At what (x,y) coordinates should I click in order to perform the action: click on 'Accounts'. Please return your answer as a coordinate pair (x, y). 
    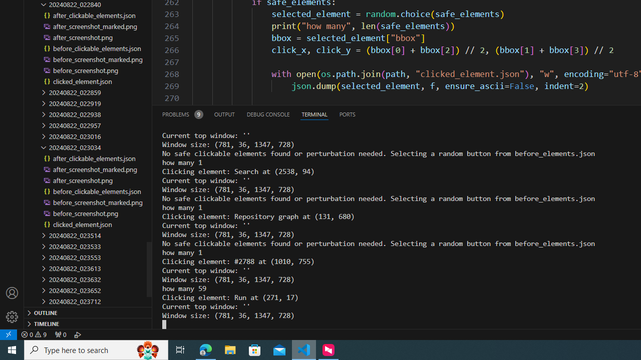
    Looking at the image, I should click on (12, 292).